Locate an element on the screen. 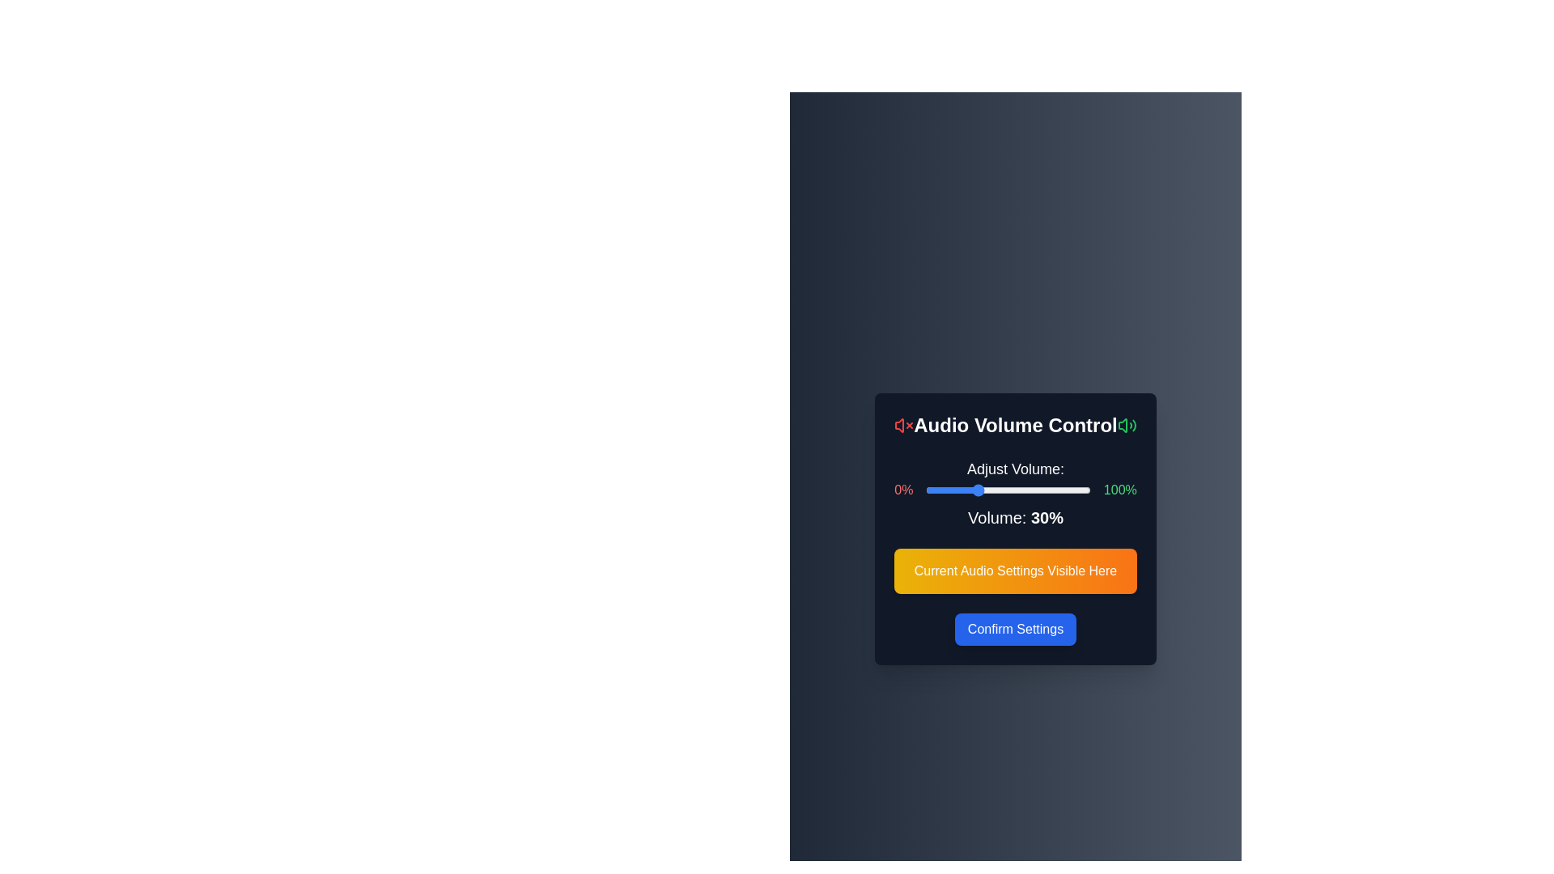 The width and height of the screenshot is (1554, 874). the volume slider to 62% is located at coordinates (1027, 489).